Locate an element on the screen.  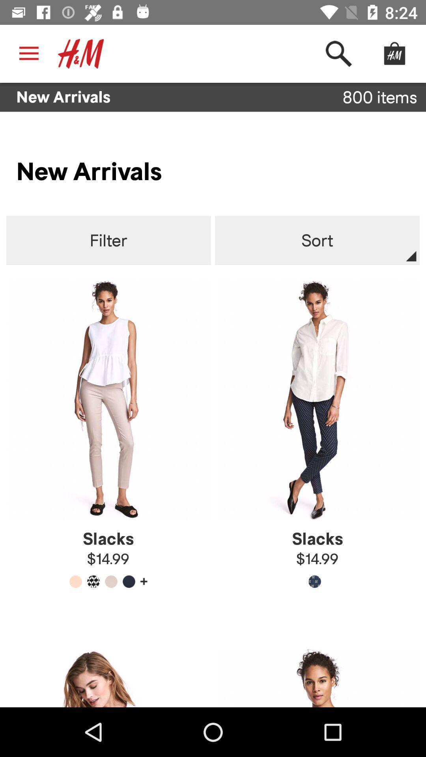
the hm icon at the top right corner is located at coordinates (394, 53).